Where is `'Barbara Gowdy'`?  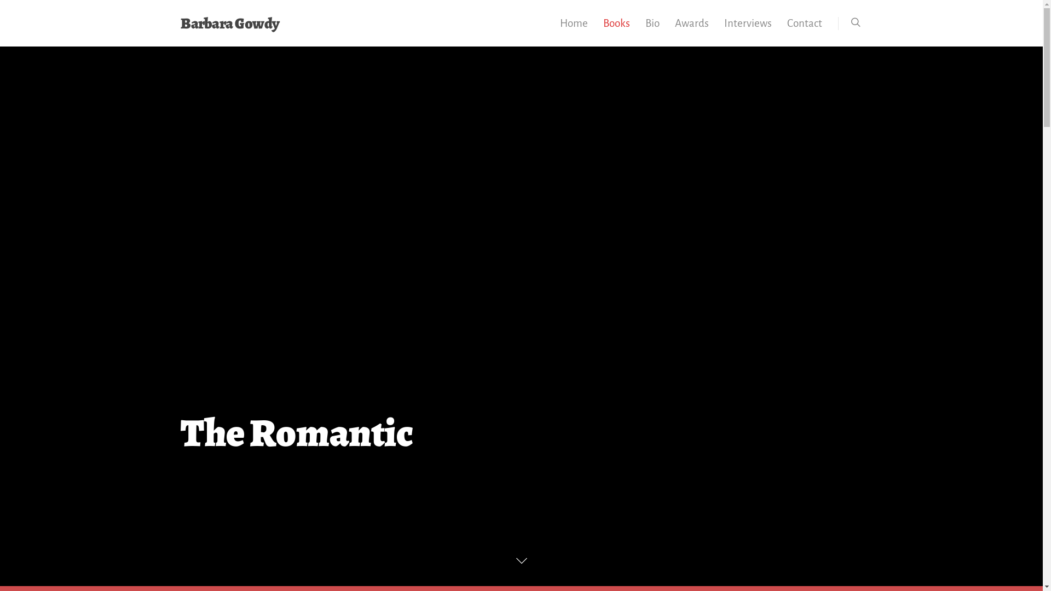 'Barbara Gowdy' is located at coordinates (229, 23).